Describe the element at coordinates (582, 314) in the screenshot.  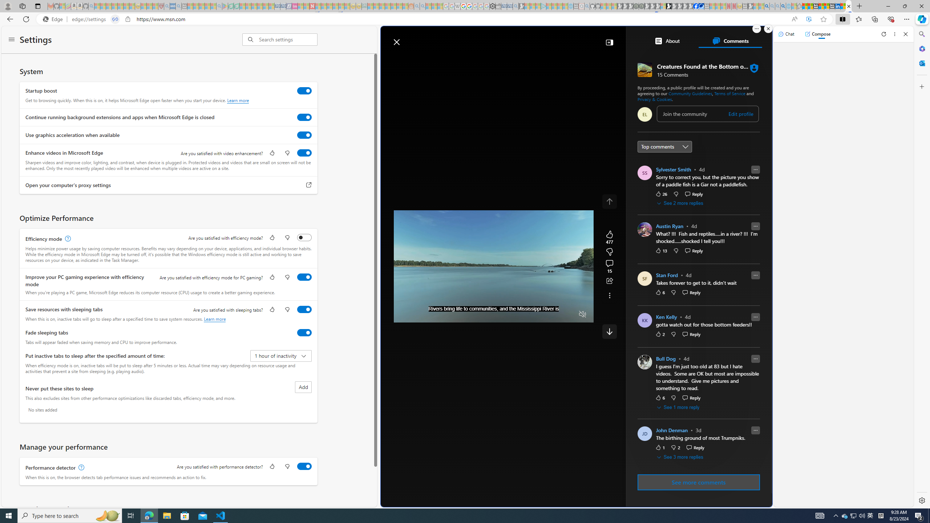
I see `'Unmute'` at that location.